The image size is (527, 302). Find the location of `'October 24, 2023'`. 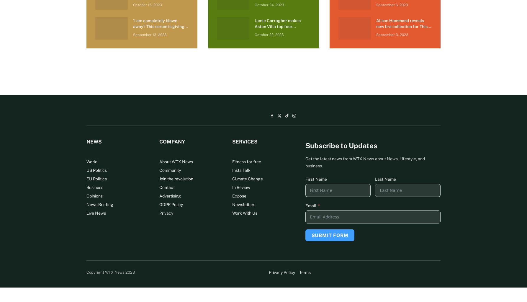

'October 24, 2023' is located at coordinates (269, 5).